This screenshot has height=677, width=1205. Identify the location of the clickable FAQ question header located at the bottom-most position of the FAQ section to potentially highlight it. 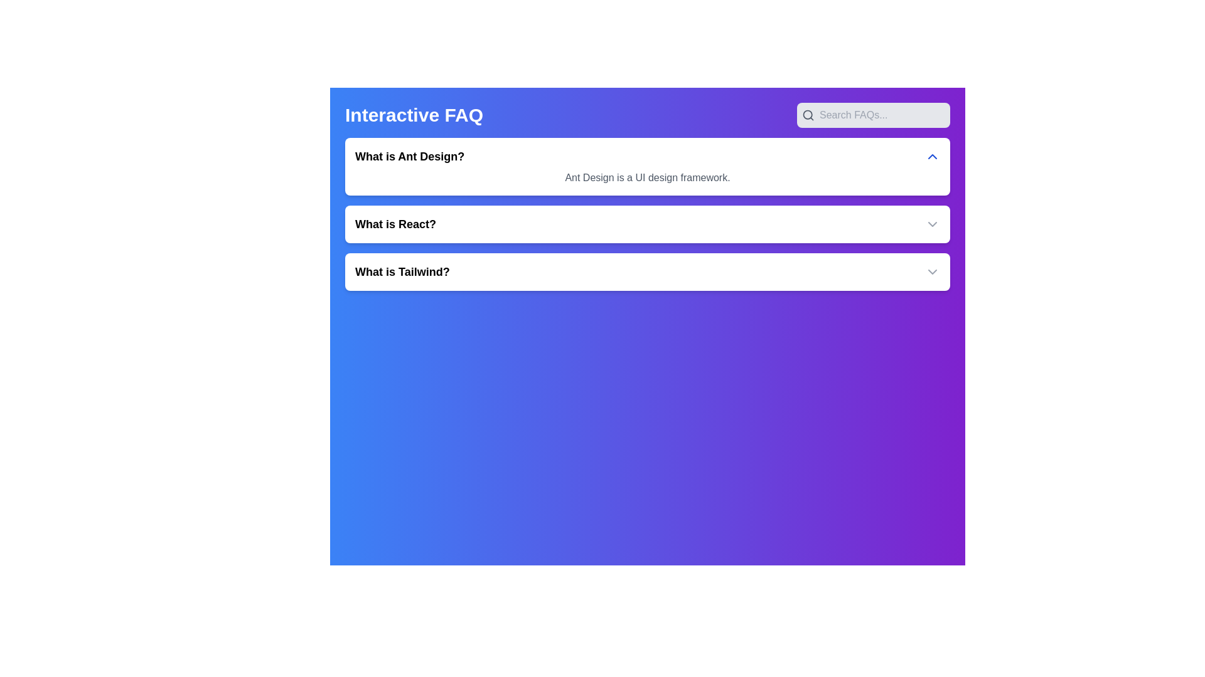
(402, 271).